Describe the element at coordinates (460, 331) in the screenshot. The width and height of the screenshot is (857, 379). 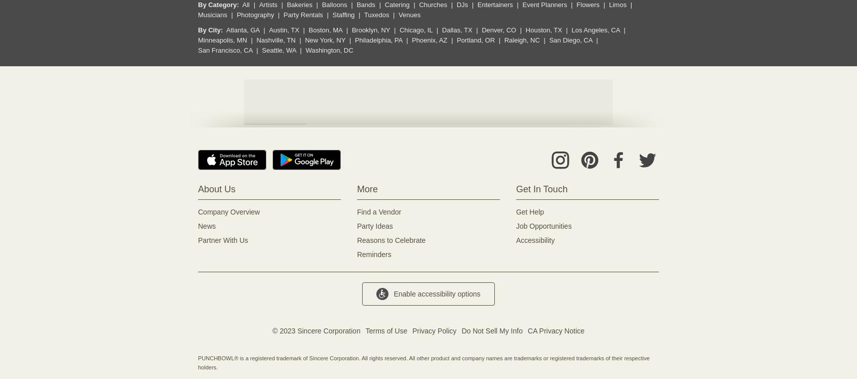
I see `'Do Not Sell My Info'` at that location.